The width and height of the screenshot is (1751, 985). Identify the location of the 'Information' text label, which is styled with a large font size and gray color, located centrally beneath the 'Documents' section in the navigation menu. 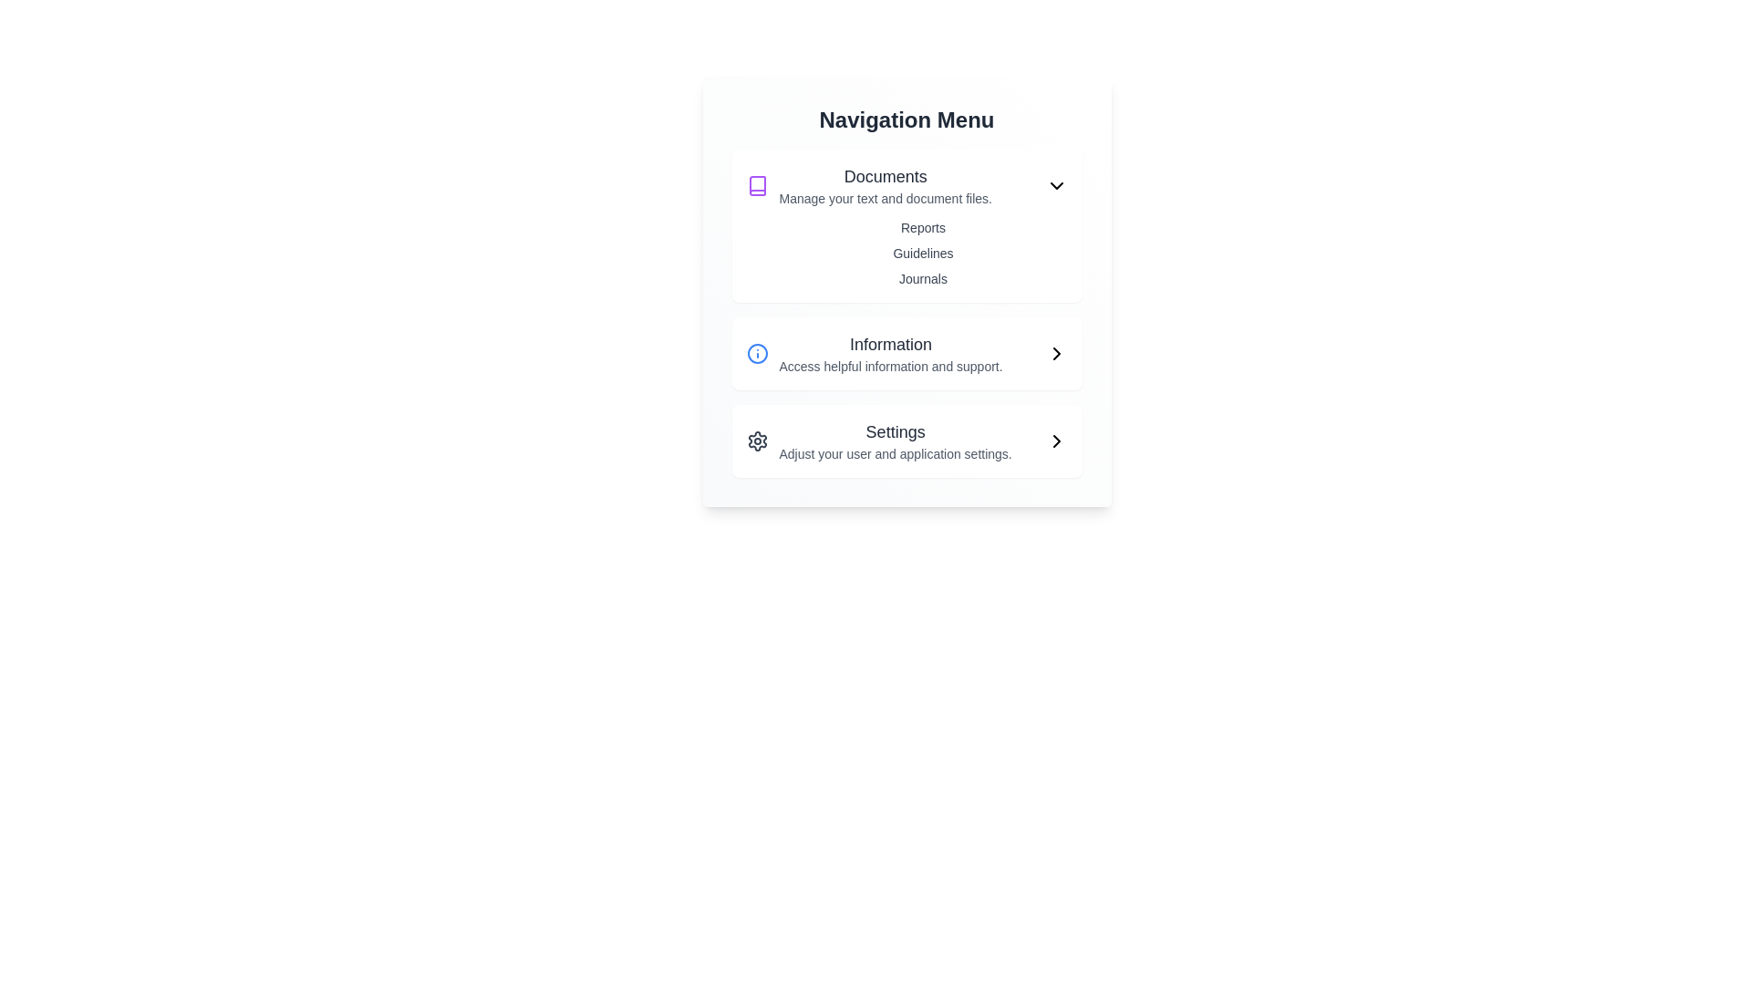
(891, 345).